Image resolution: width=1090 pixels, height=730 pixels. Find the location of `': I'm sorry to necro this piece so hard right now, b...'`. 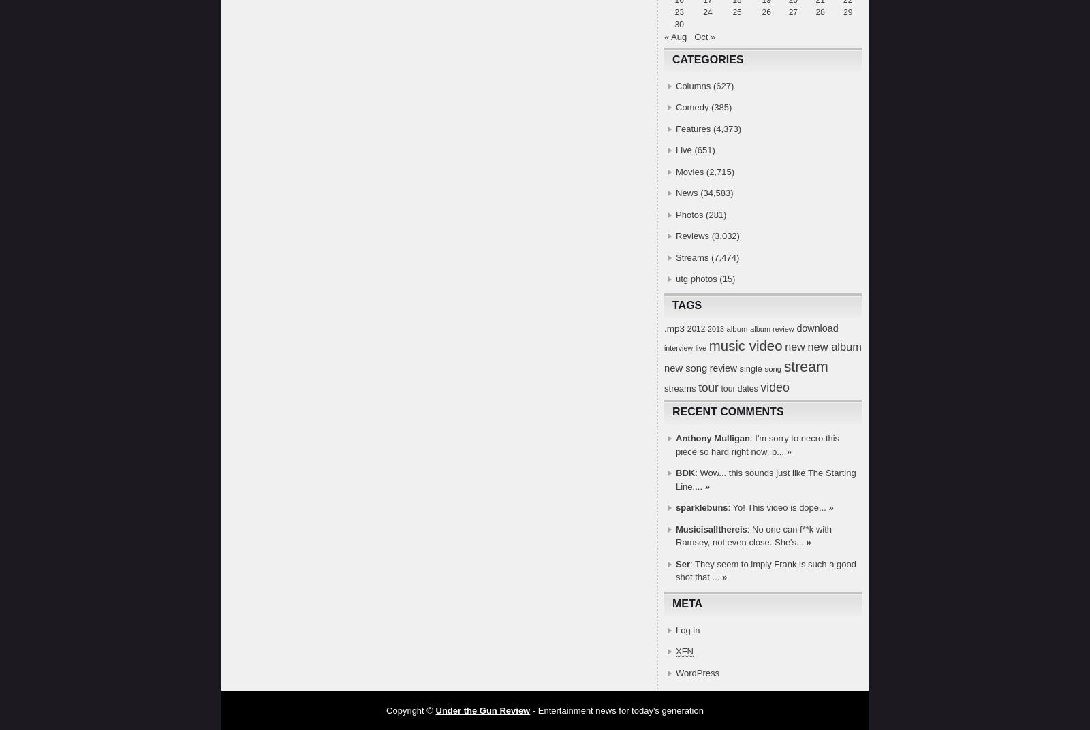

': I'm sorry to necro this piece so hard right now, b...' is located at coordinates (758, 444).